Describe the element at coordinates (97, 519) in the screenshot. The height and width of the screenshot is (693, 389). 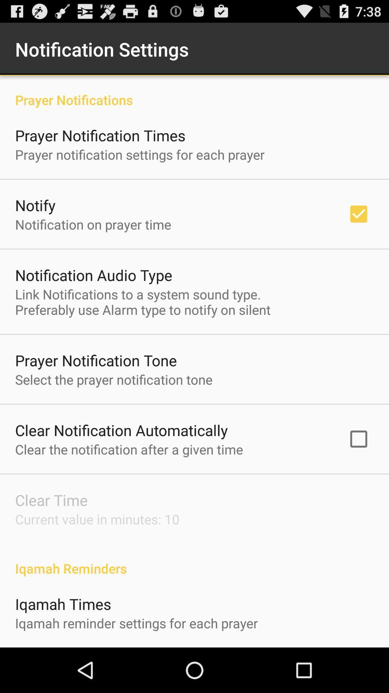
I see `current value in app` at that location.